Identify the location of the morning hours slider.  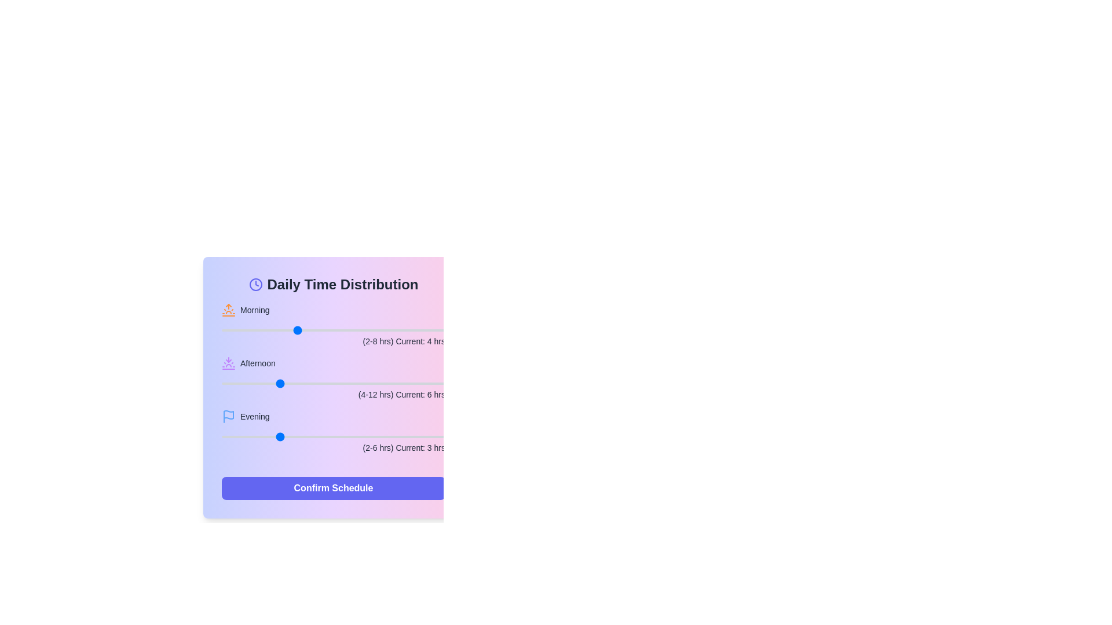
(371, 330).